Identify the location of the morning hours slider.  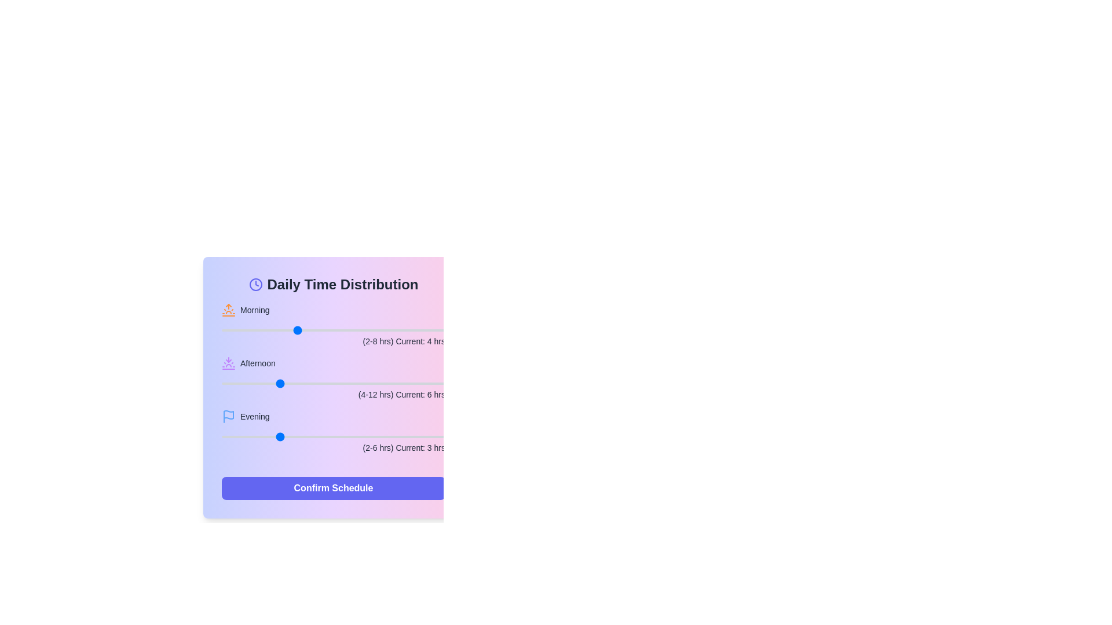
(371, 330).